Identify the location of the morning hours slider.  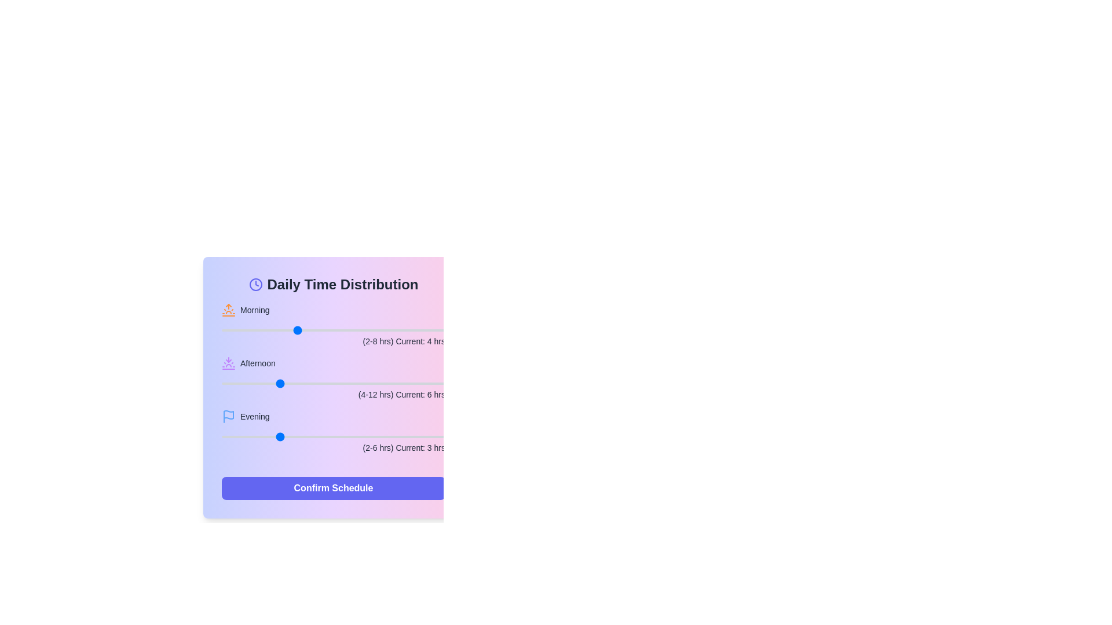
(371, 330).